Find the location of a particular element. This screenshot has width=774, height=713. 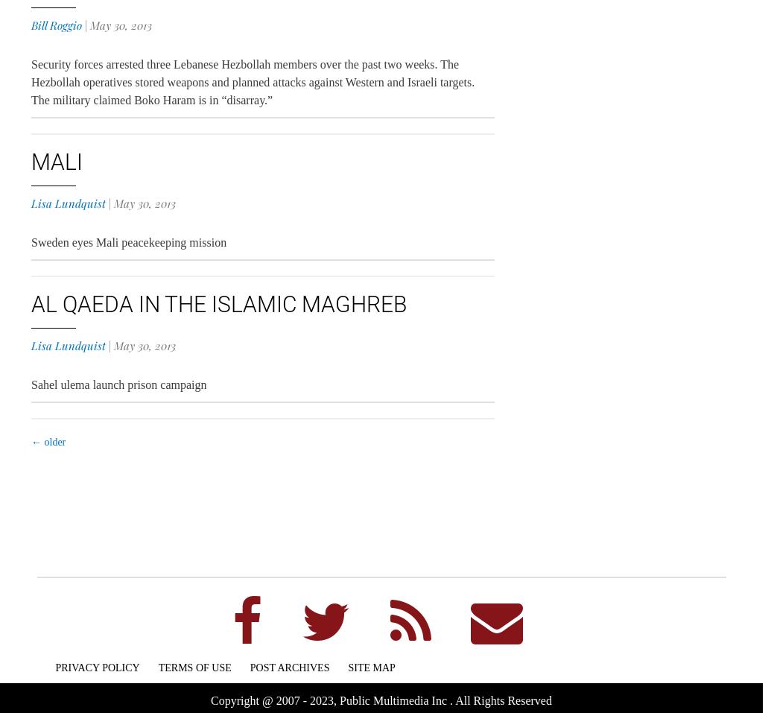

'Bill Roggio' is located at coordinates (55, 24).